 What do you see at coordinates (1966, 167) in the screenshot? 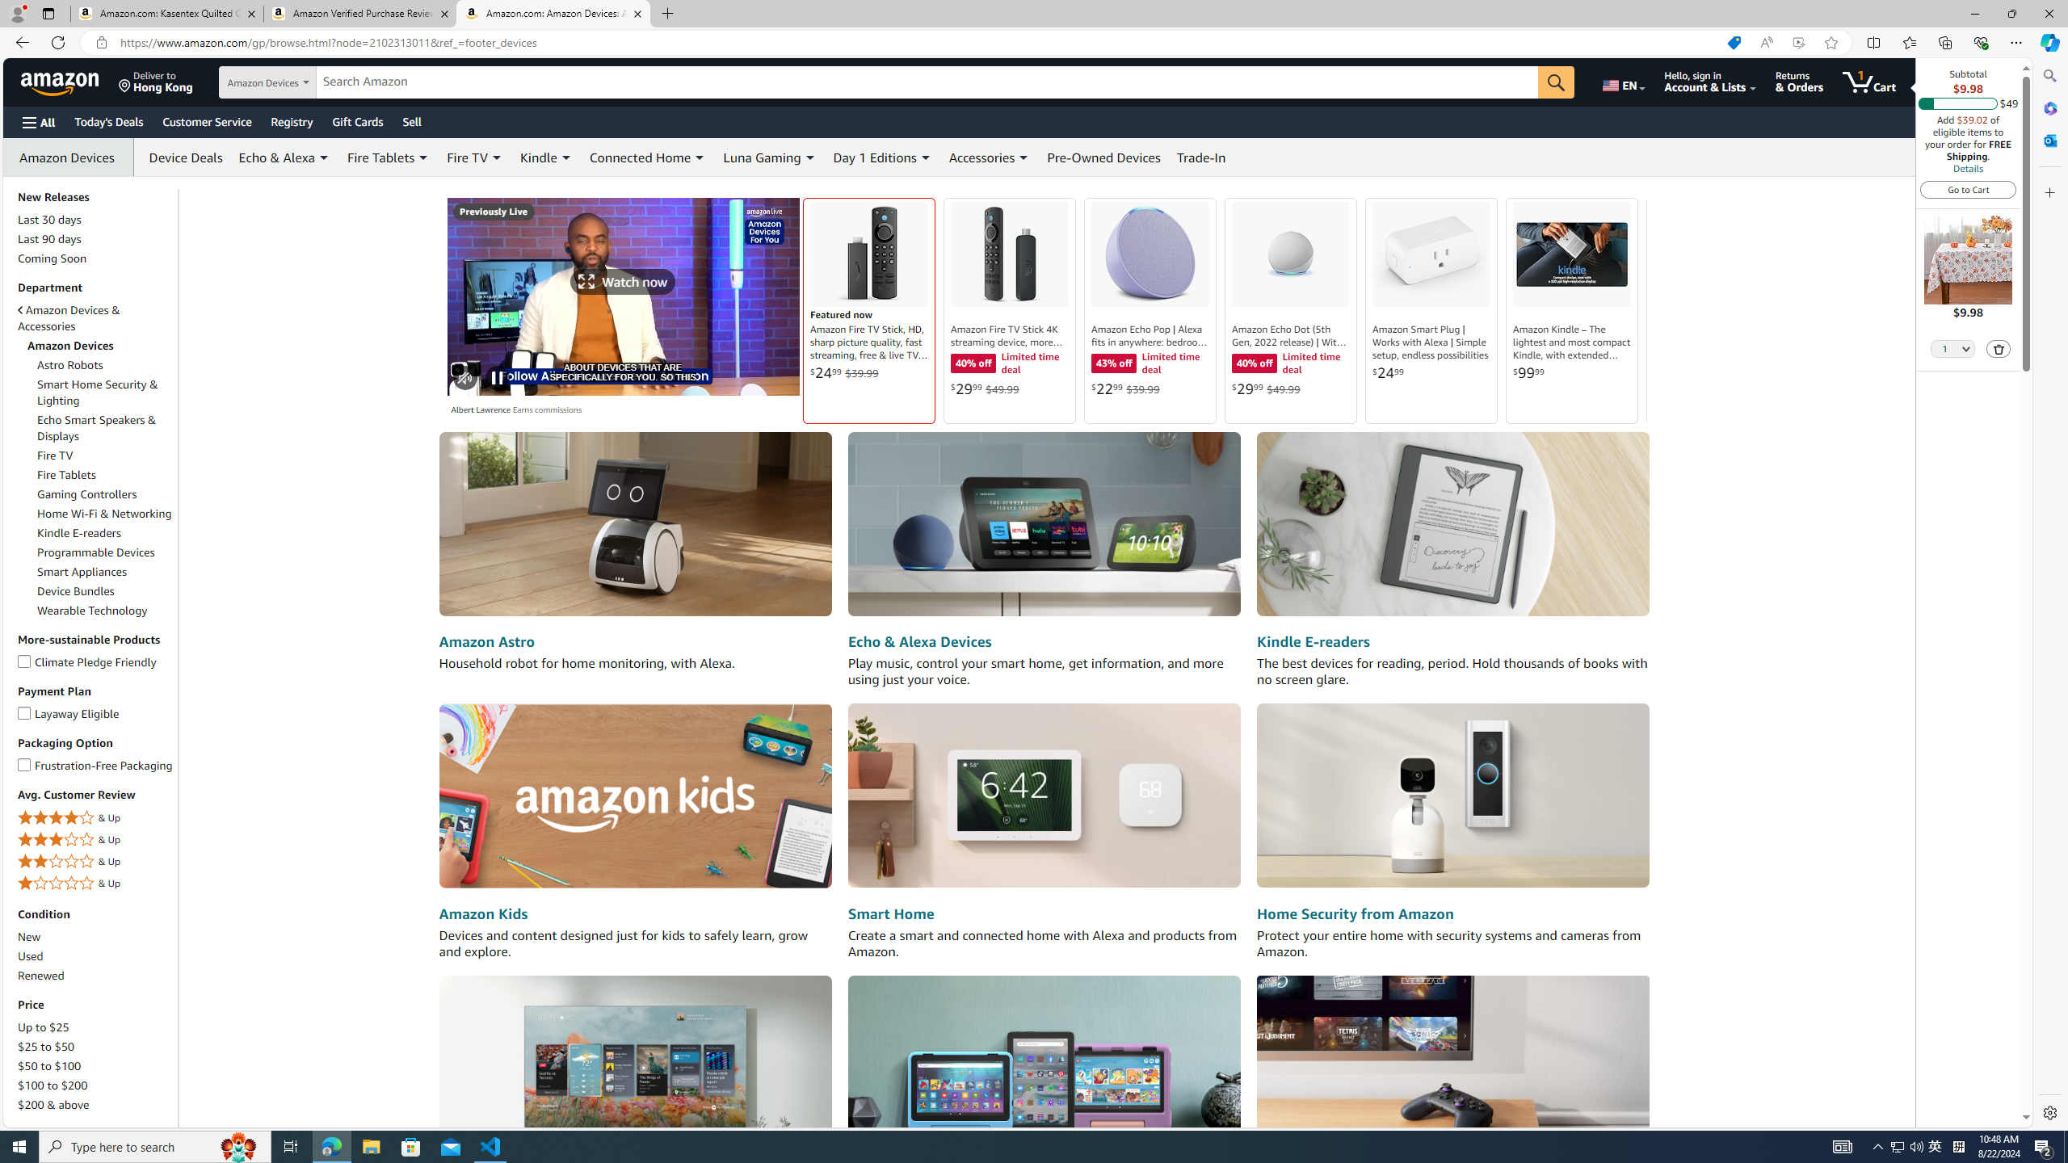
I see `'Details'` at bounding box center [1966, 167].